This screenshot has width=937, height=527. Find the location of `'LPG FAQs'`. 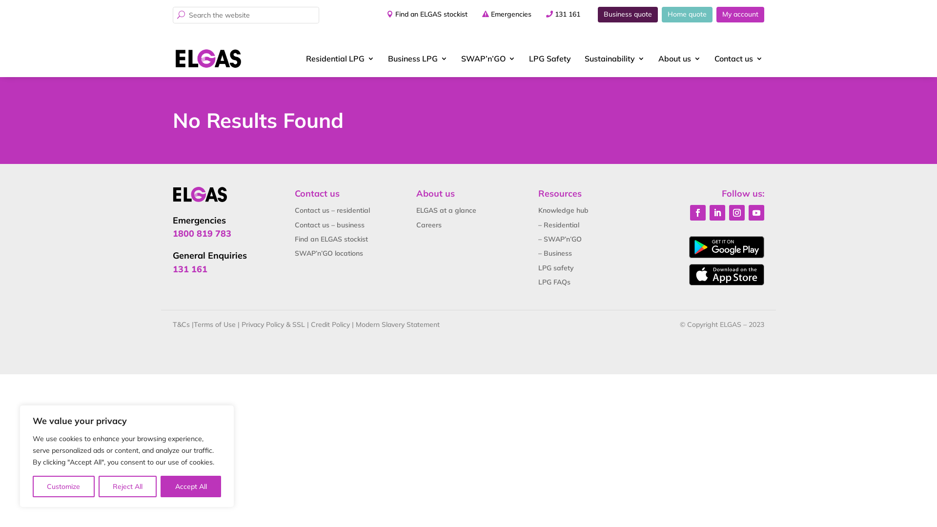

'LPG FAQs' is located at coordinates (554, 282).